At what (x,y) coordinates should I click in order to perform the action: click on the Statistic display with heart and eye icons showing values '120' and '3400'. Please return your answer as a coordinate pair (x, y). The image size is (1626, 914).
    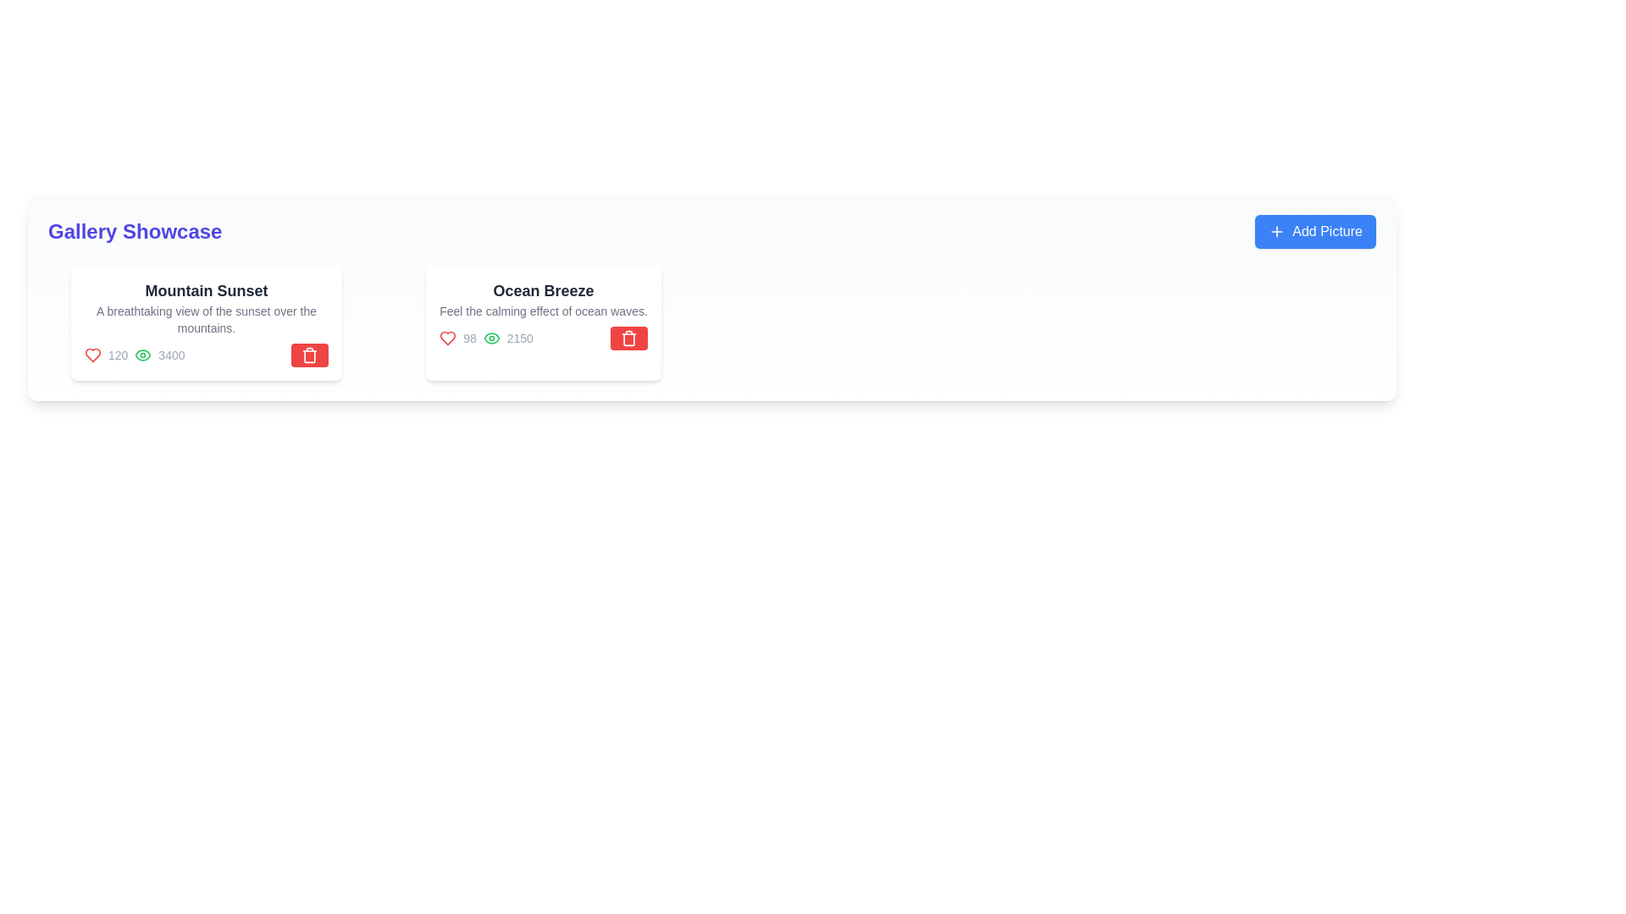
    Looking at the image, I should click on (134, 355).